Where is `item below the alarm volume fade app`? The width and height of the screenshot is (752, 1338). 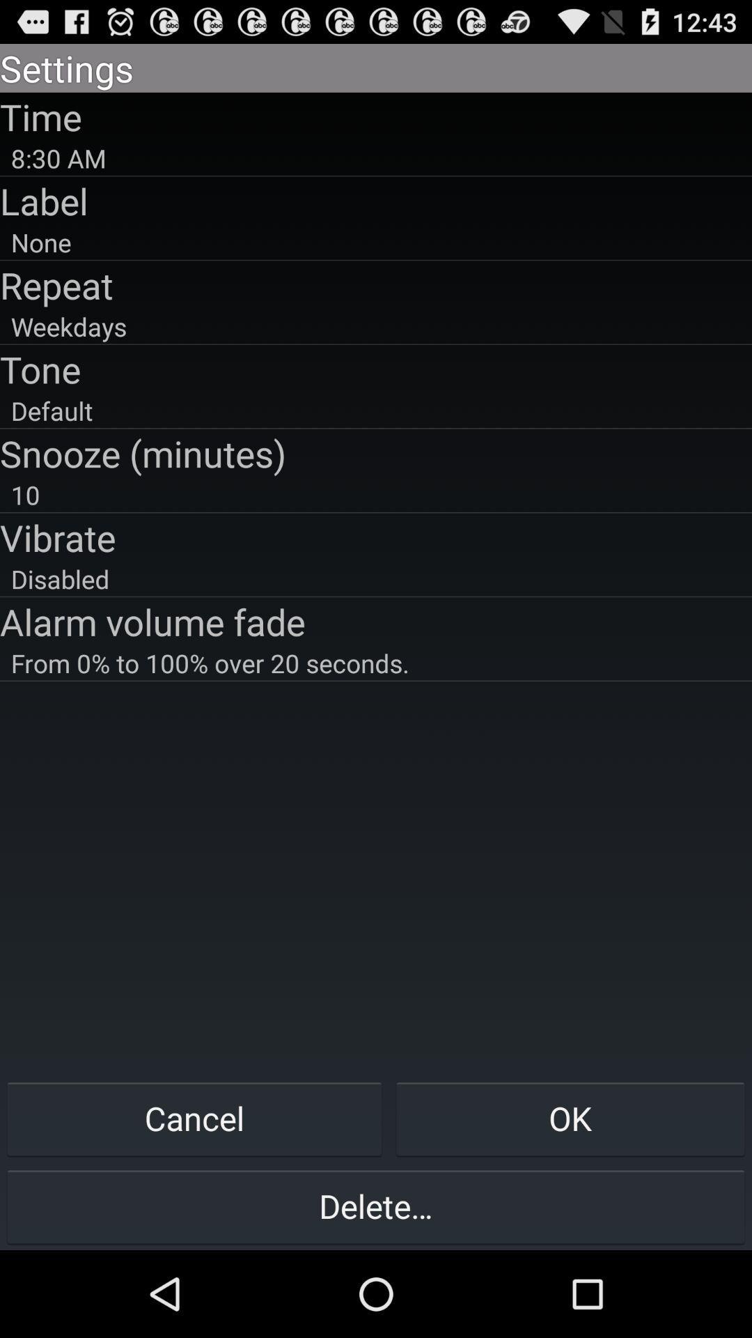
item below the alarm volume fade app is located at coordinates (376, 662).